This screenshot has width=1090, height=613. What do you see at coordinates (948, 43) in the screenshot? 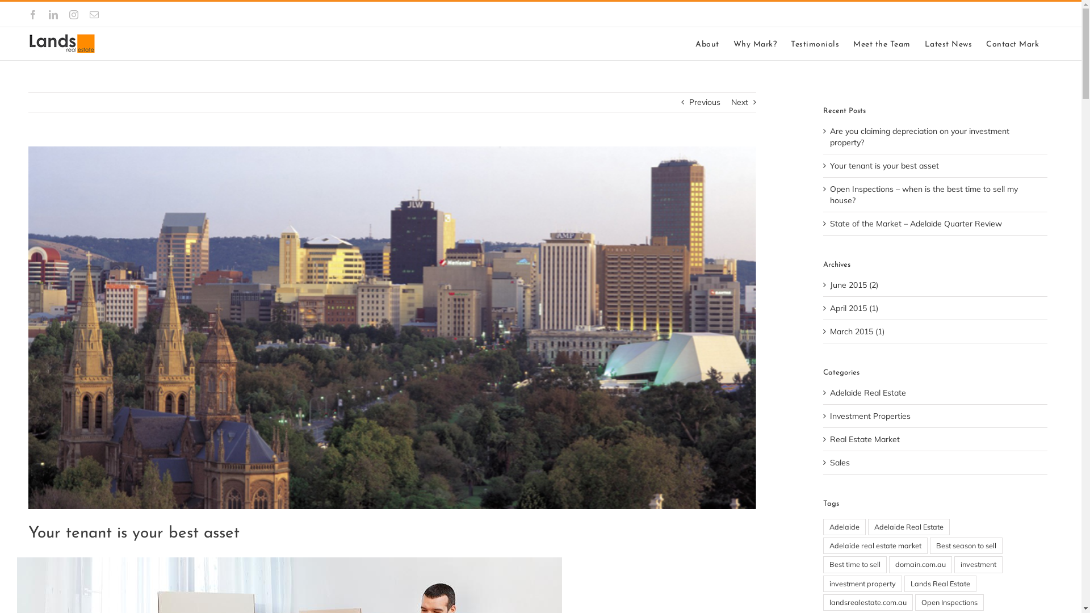
I see `'Latest News'` at bounding box center [948, 43].